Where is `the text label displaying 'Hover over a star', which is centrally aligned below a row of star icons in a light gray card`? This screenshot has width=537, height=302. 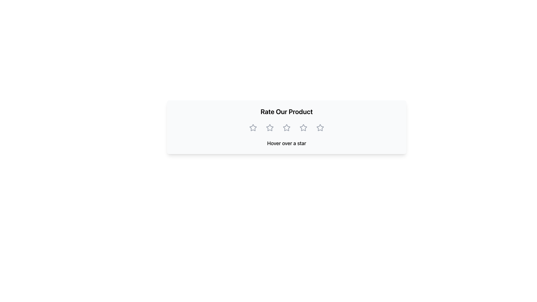
the text label displaying 'Hover over a star', which is centrally aligned below a row of star icons in a light gray card is located at coordinates (287, 143).